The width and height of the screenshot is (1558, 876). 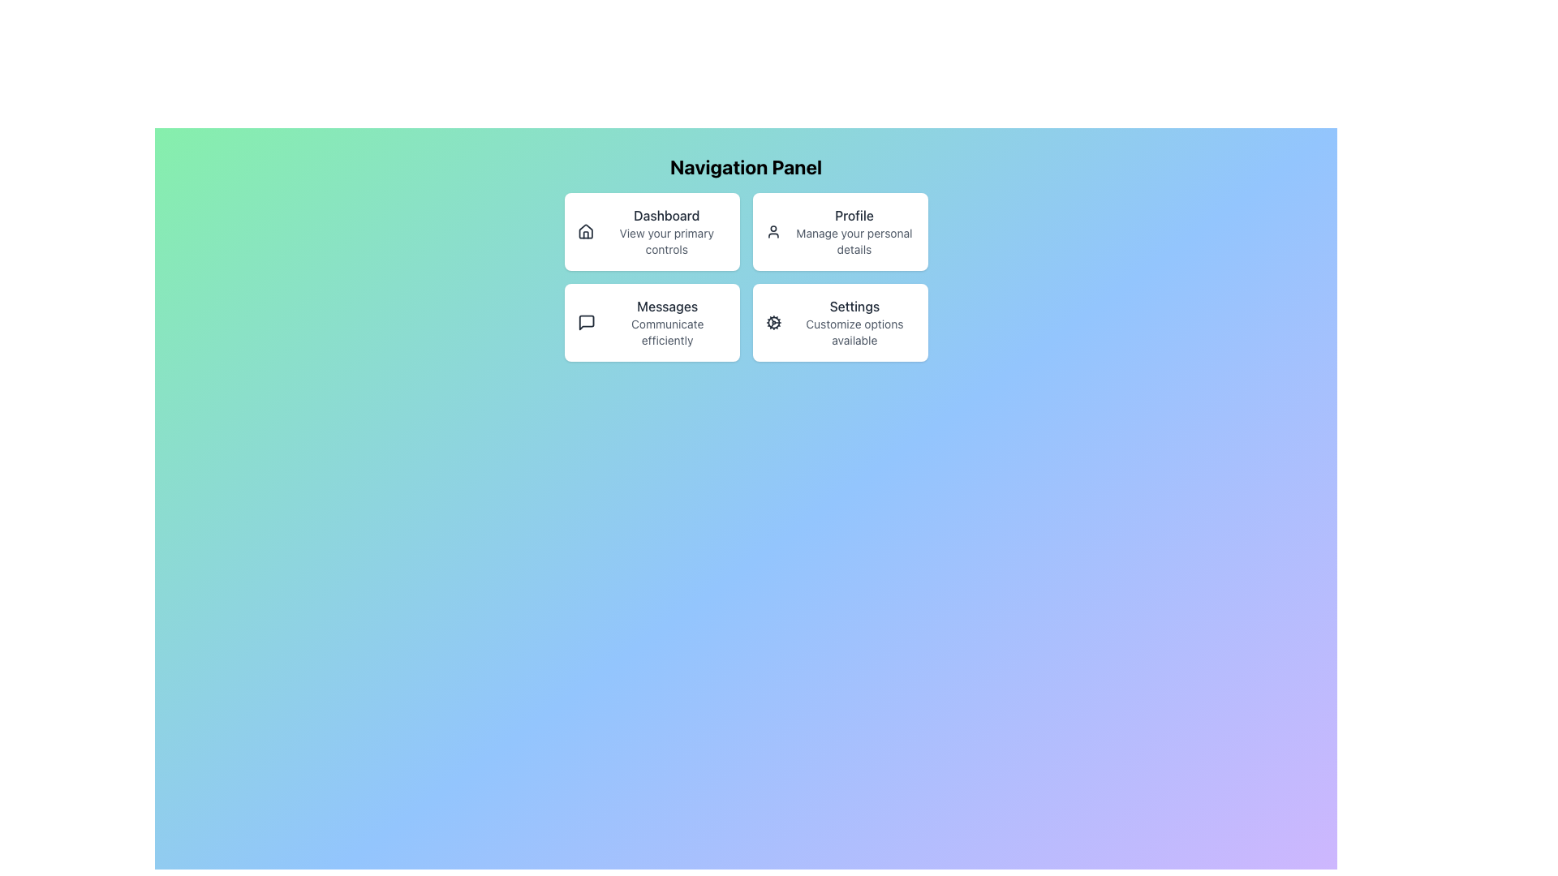 What do you see at coordinates (854, 307) in the screenshot?
I see `the text label 'Settings', which is displayed in bold font and located within a white rectangular section in the bottom-right quadrant of the grid layout` at bounding box center [854, 307].